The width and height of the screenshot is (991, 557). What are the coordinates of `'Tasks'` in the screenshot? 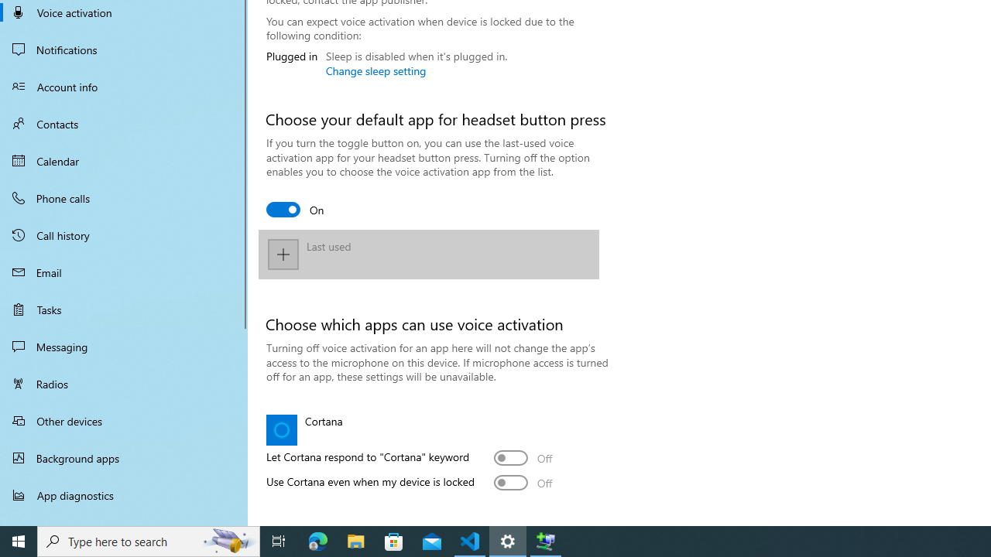 It's located at (124, 309).